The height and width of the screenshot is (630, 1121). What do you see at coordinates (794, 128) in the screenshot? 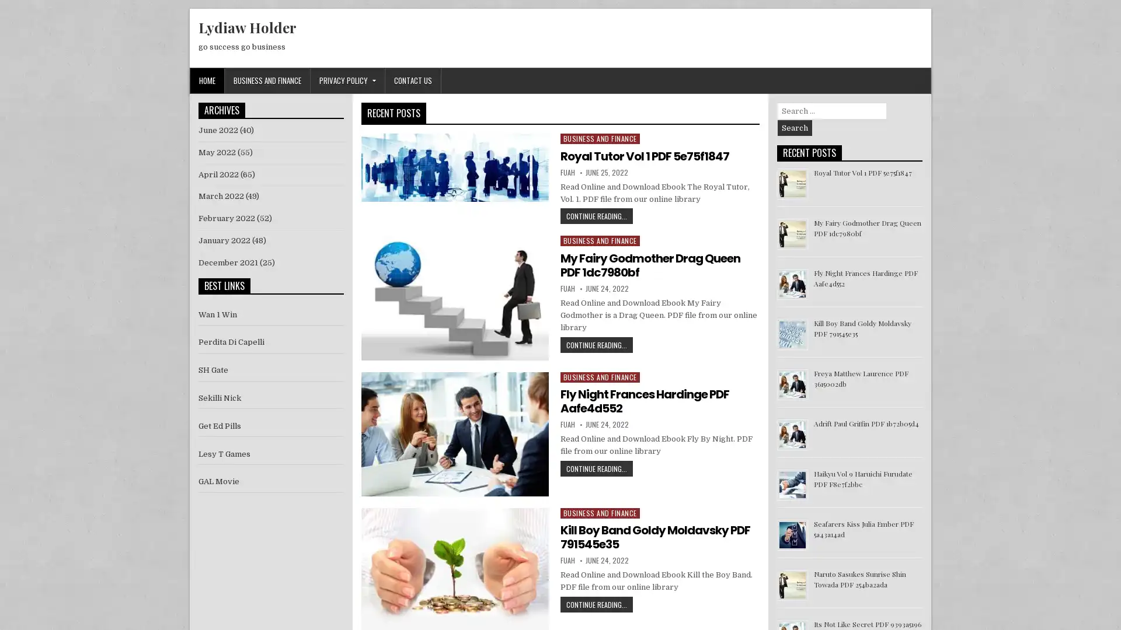
I see `Search` at bounding box center [794, 128].